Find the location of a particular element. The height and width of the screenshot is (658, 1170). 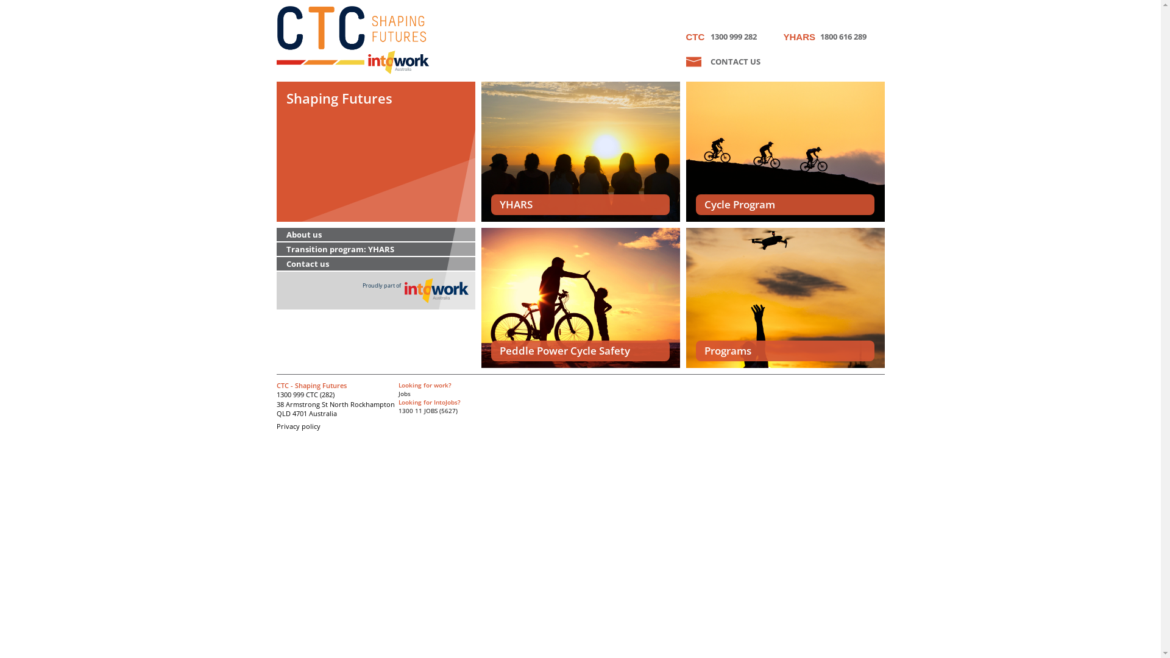

'1300 999 CTC (282)' is located at coordinates (305, 394).